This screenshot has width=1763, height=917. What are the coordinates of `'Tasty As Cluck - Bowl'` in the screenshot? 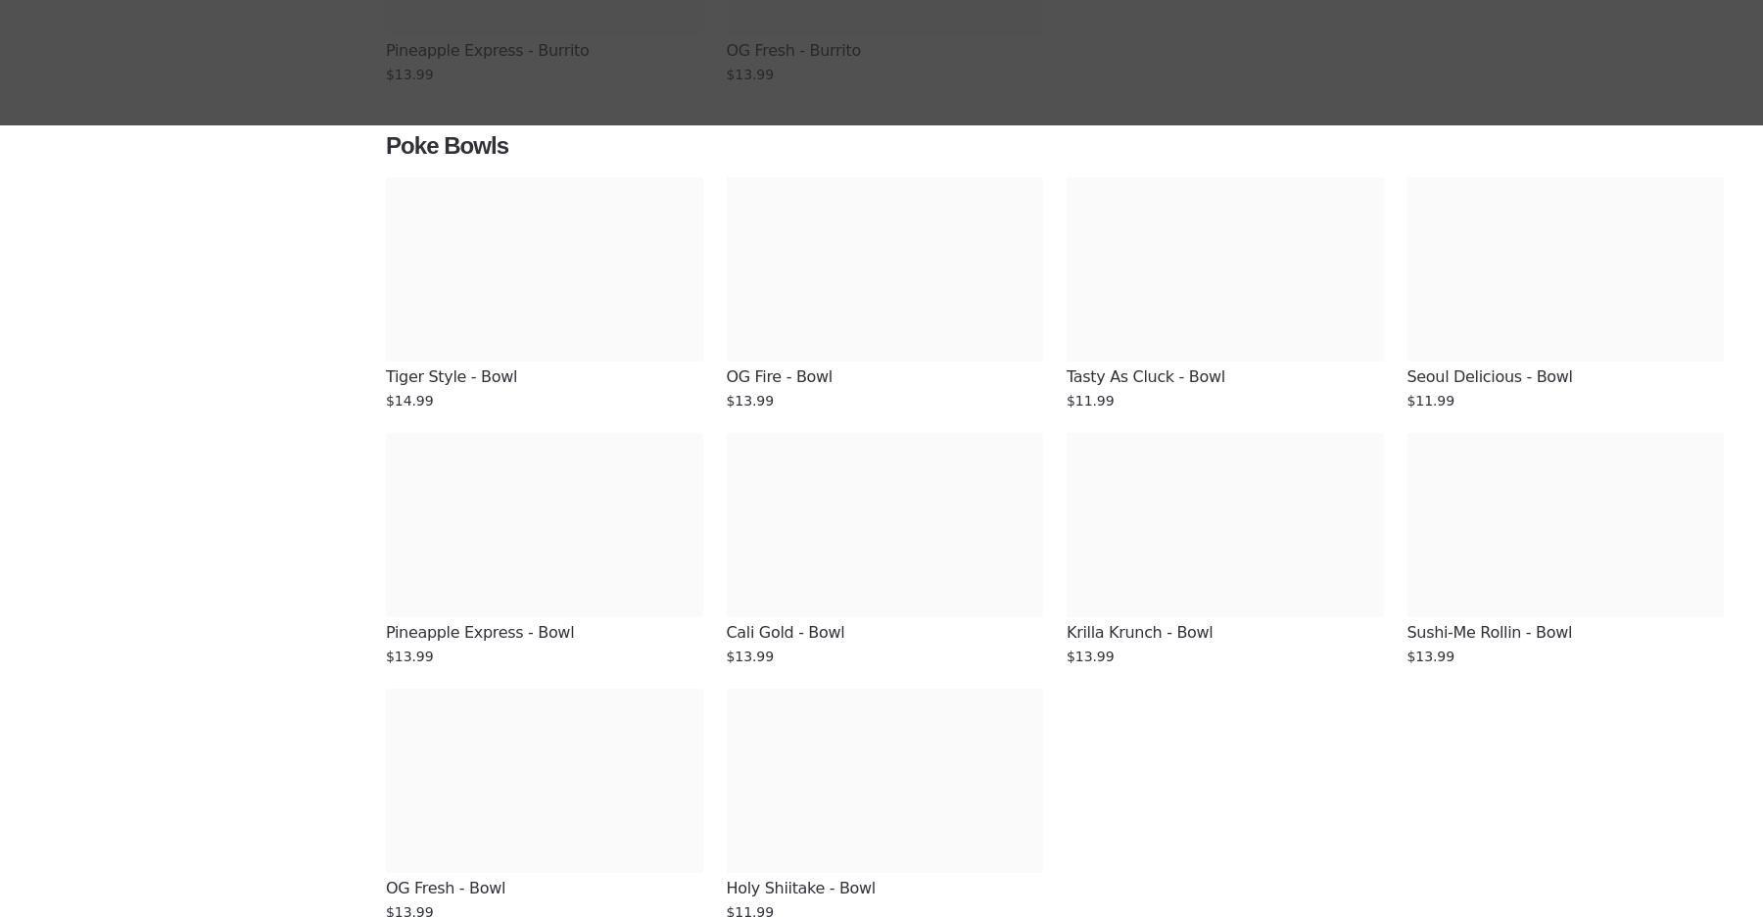 It's located at (1067, 376).